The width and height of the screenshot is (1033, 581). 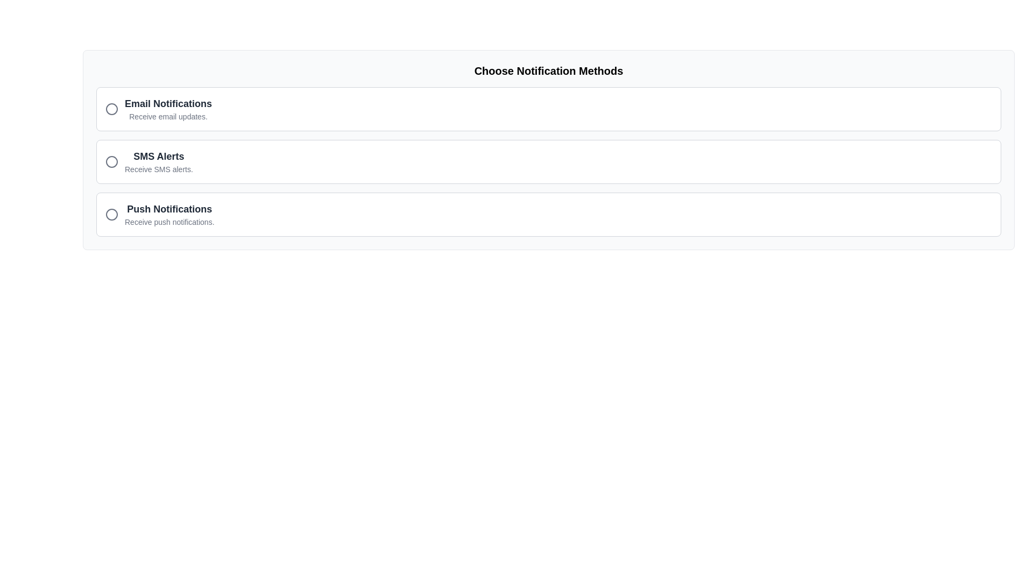 What do you see at coordinates (158, 161) in the screenshot?
I see `text block labeled 'SMS Alerts' which includes a bold heading and a smaller text 'Receive SMS alerts.'` at bounding box center [158, 161].